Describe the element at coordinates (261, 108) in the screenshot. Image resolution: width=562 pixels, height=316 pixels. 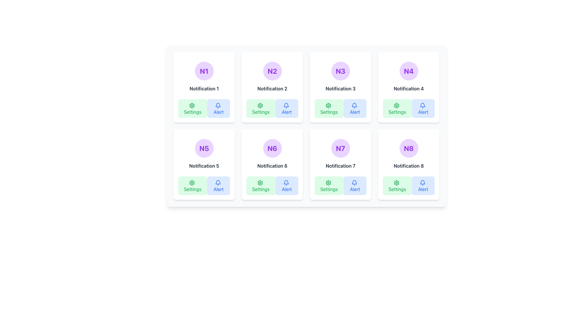
I see `the 'Settings' button, which is a rectangular button with rounded edges, light green background, and a green settings gear icon` at that location.